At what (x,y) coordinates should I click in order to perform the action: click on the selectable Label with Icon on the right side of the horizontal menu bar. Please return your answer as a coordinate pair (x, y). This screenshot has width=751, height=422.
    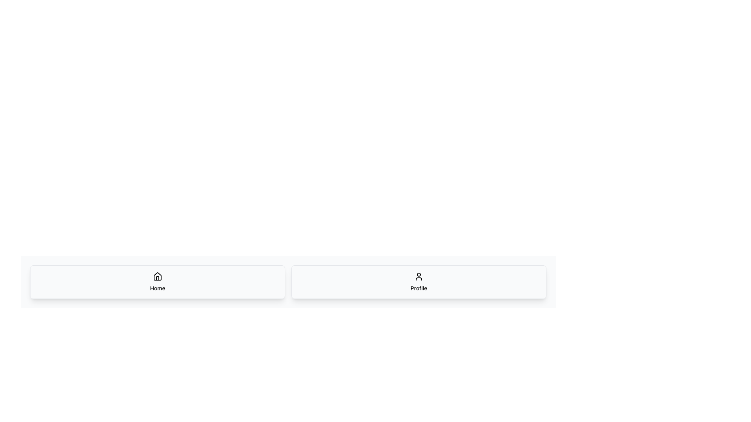
    Looking at the image, I should click on (418, 282).